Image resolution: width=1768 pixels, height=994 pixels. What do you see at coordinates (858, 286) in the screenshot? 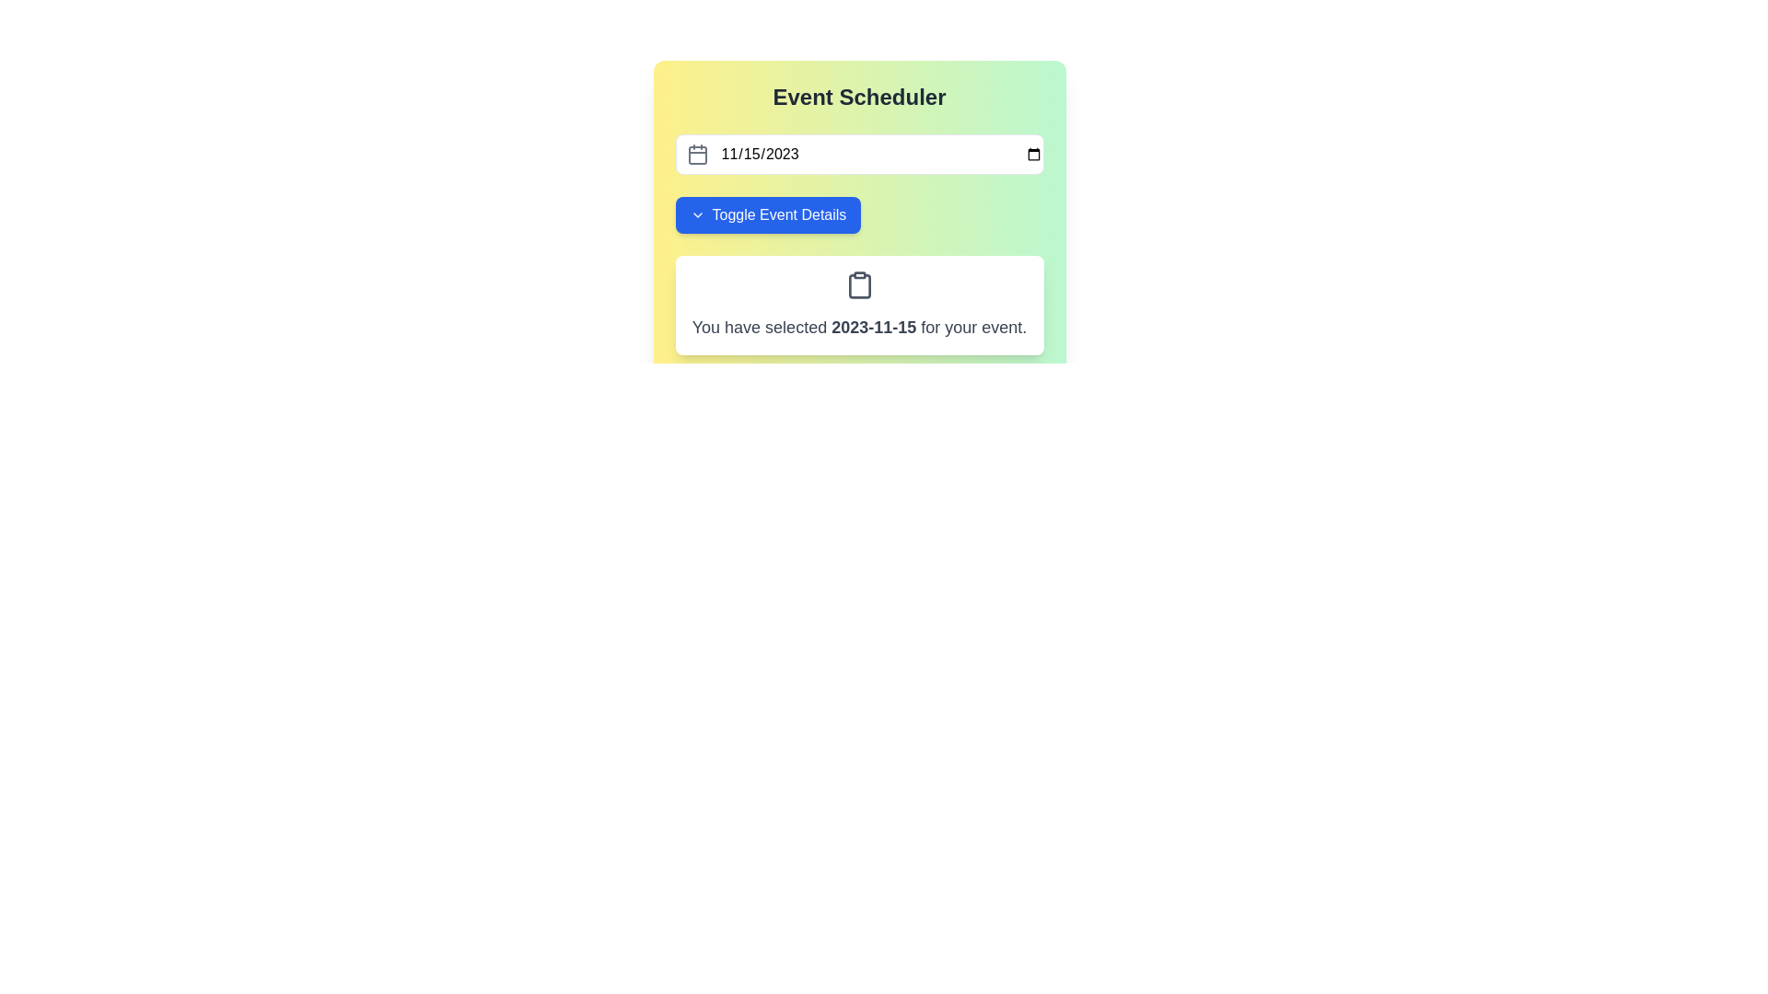
I see `the clipboard icon located slightly downward from the top center of a white box` at bounding box center [858, 286].